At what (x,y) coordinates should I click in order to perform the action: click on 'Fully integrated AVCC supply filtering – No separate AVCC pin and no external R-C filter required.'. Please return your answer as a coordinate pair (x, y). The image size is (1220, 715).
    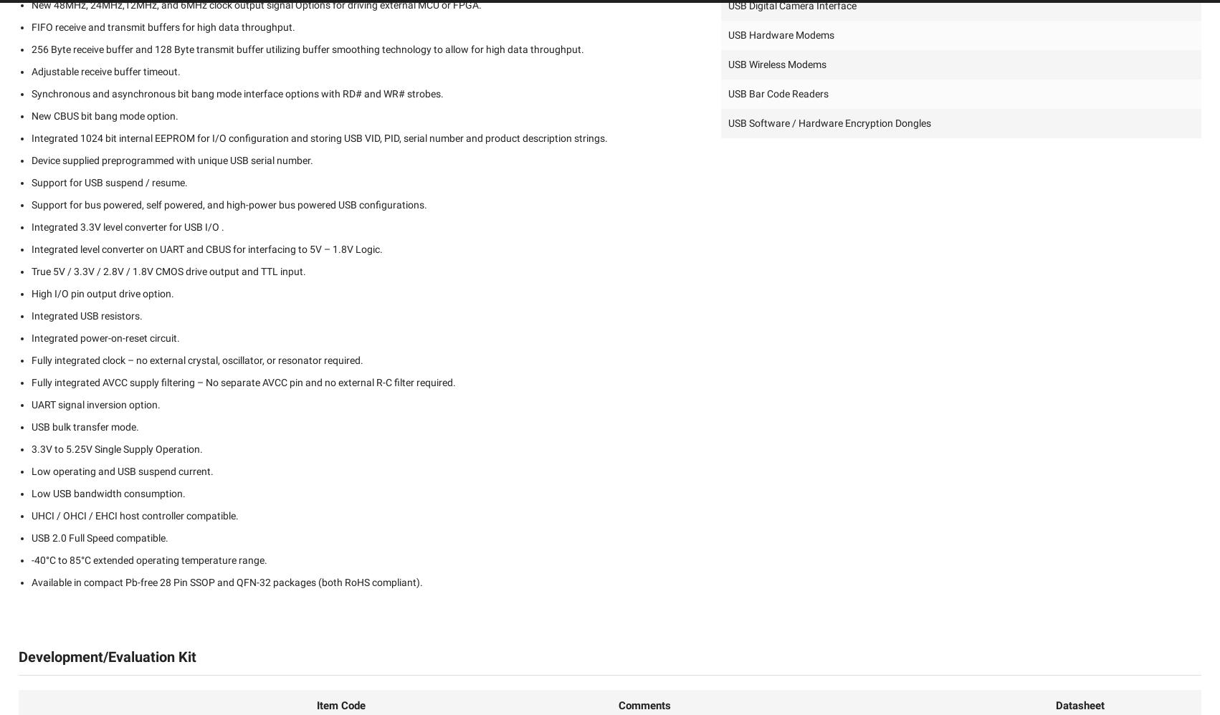
    Looking at the image, I should click on (244, 383).